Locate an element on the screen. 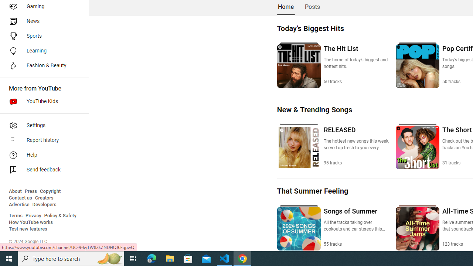  'Today' is located at coordinates (310, 28).